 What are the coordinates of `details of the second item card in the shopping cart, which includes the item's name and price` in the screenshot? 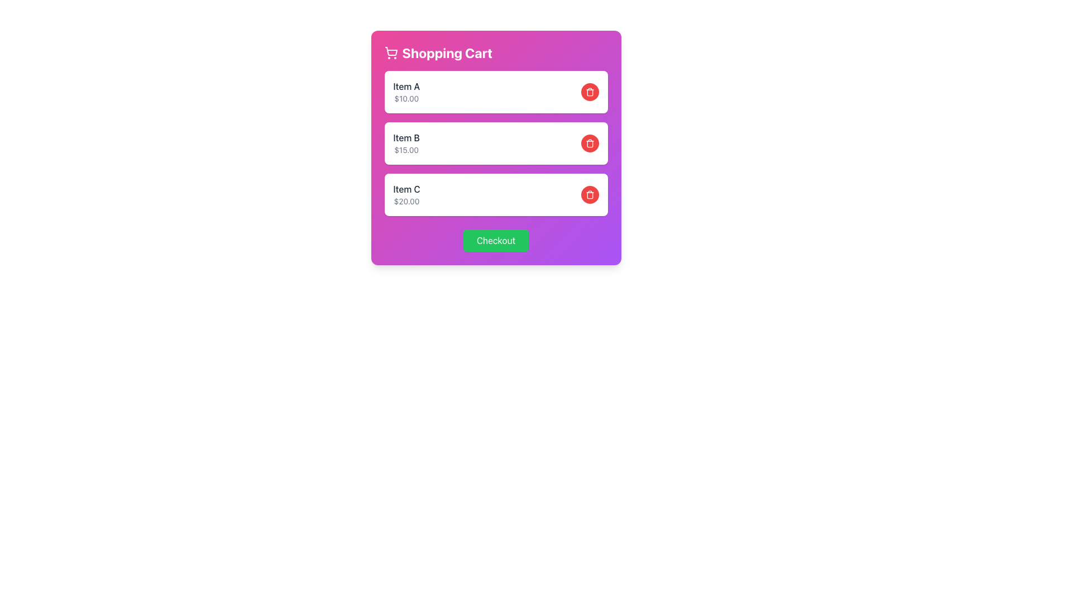 It's located at (495, 143).